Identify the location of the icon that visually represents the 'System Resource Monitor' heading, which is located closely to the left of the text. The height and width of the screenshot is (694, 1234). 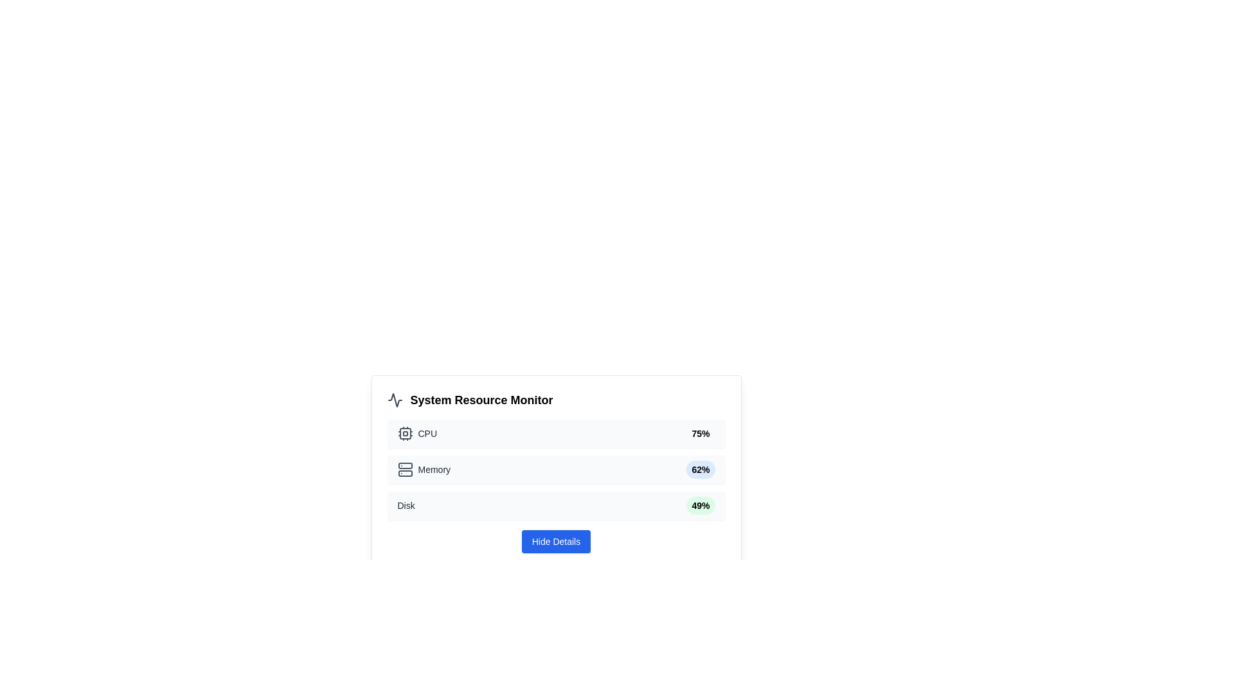
(394, 400).